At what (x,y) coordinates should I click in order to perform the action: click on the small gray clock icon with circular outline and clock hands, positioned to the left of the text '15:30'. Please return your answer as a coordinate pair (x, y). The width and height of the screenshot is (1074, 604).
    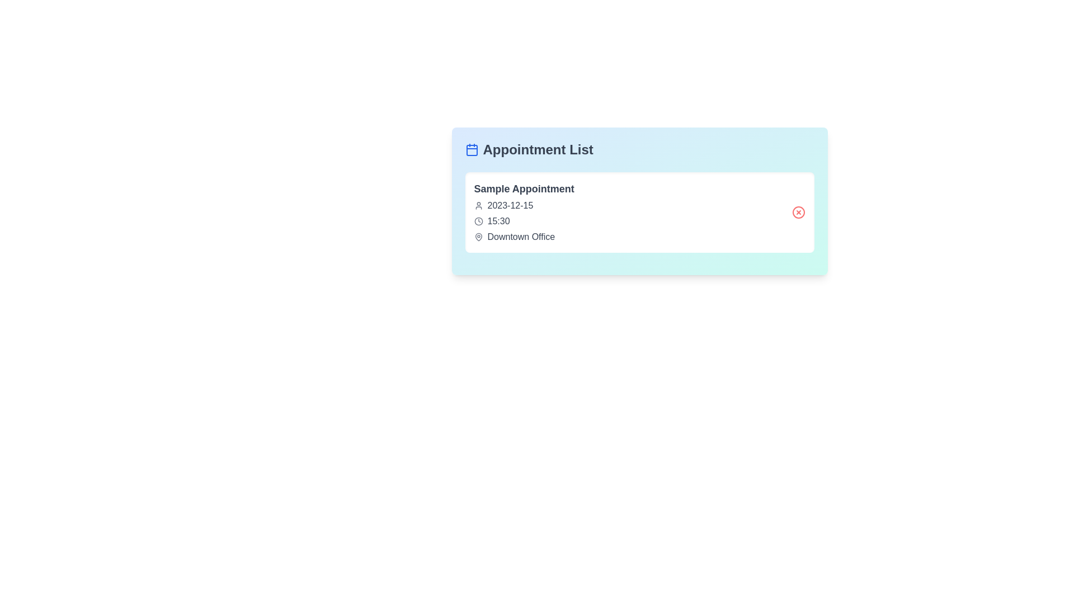
    Looking at the image, I should click on (478, 221).